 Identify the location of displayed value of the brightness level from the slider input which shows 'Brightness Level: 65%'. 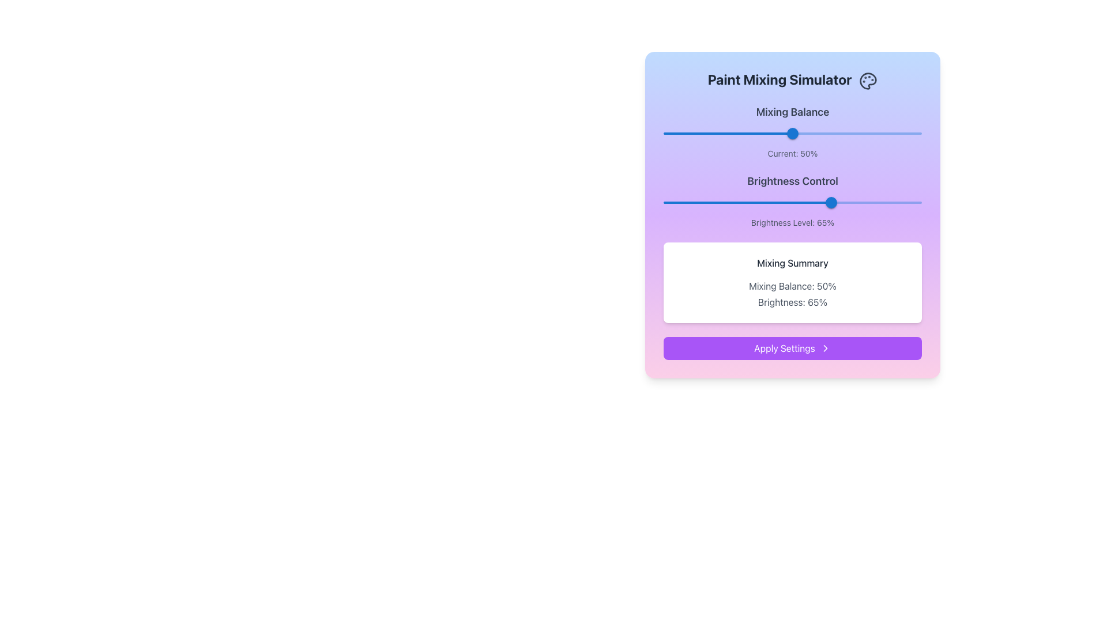
(792, 199).